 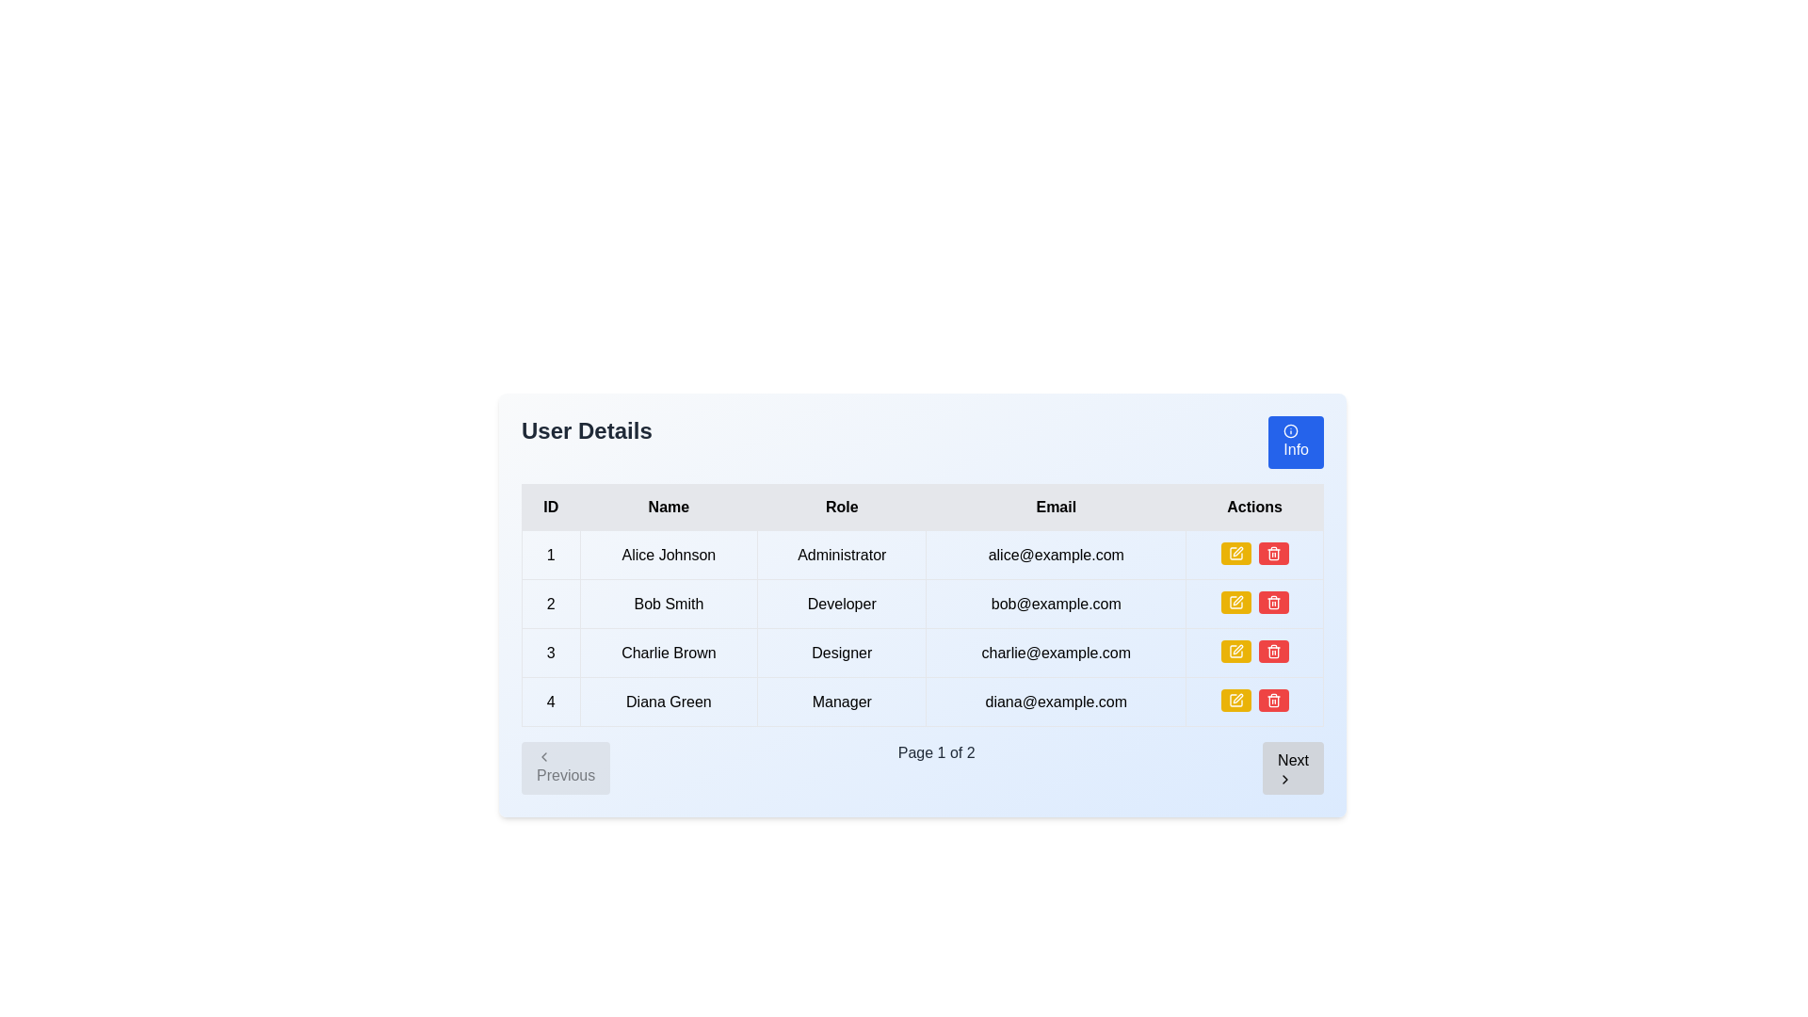 What do you see at coordinates (1273, 650) in the screenshot?
I see `the trash bin icon button in the 'Actions' column for 'Bob Smith'` at bounding box center [1273, 650].